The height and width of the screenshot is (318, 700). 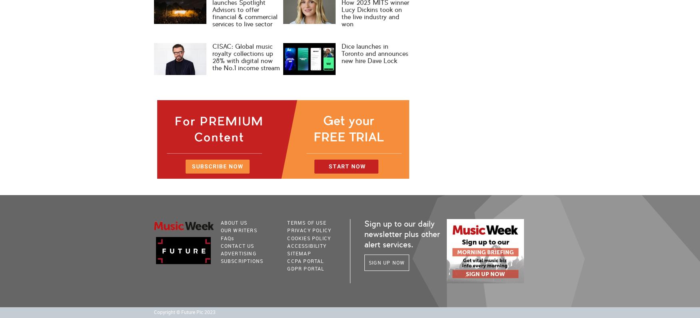 What do you see at coordinates (242, 261) in the screenshot?
I see `'Subscriptions'` at bounding box center [242, 261].